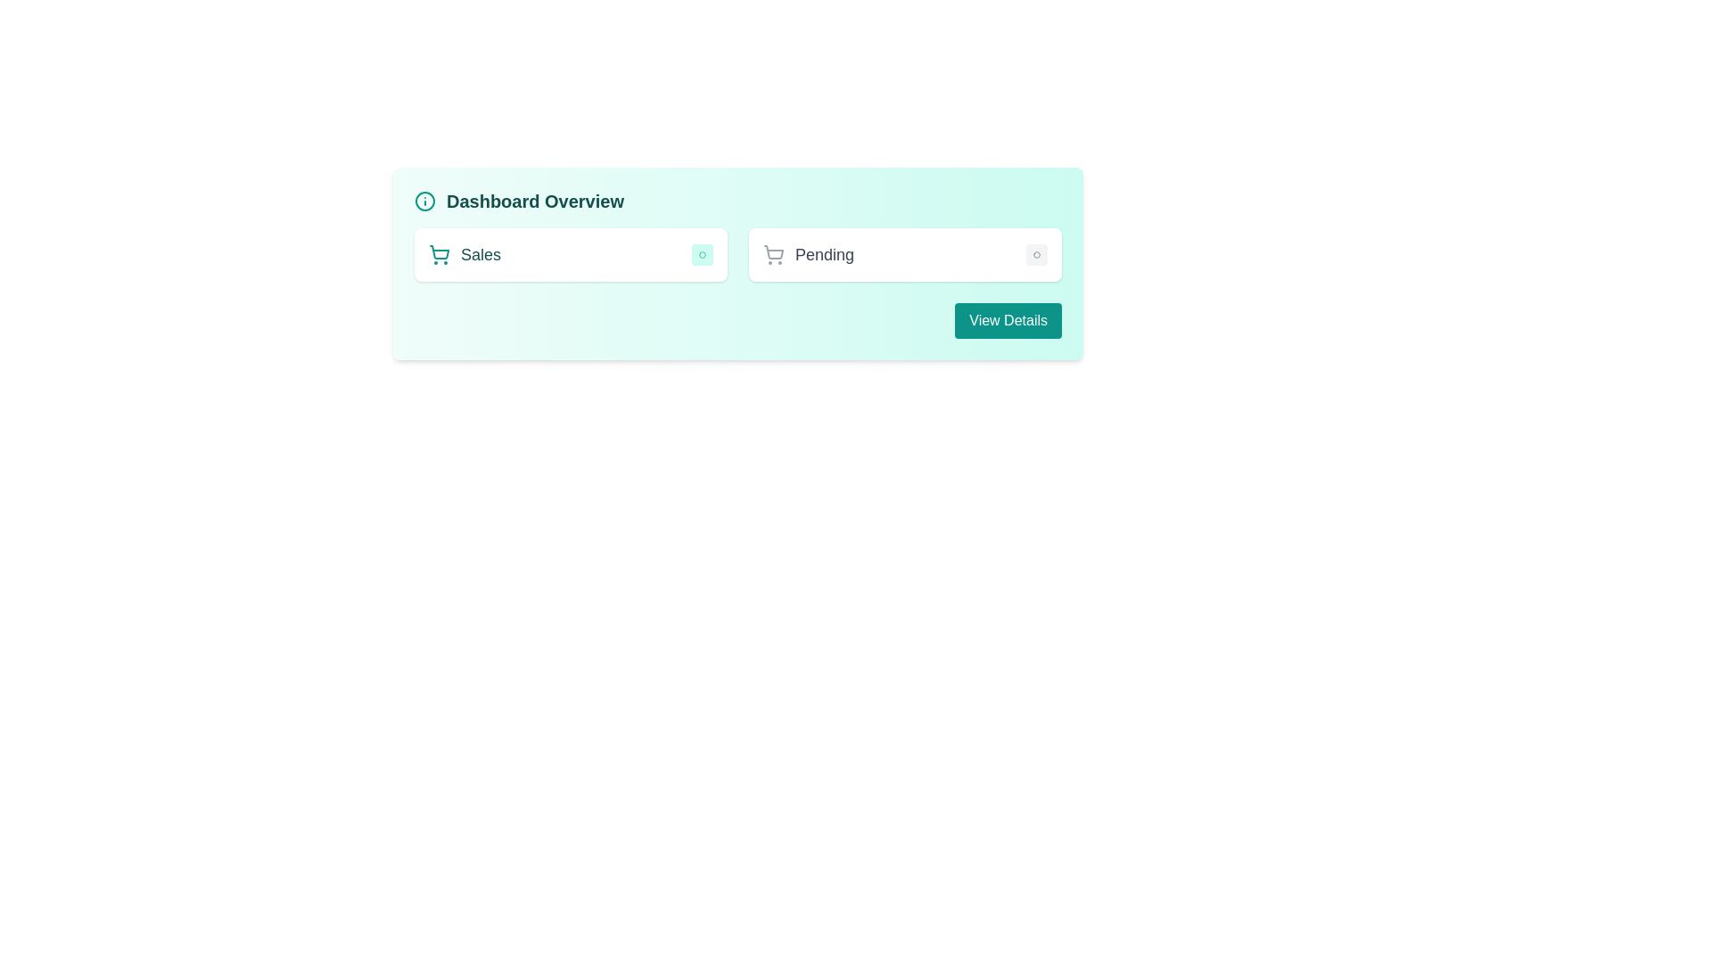  What do you see at coordinates (424, 201) in the screenshot?
I see `the circular teal information icon located at the leftmost part of the header bar labeled 'Dashboard Overview'` at bounding box center [424, 201].